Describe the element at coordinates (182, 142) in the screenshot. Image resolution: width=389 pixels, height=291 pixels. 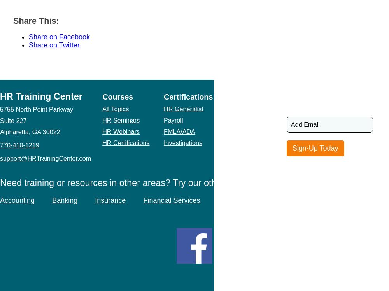
I see `'Investigations'` at that location.